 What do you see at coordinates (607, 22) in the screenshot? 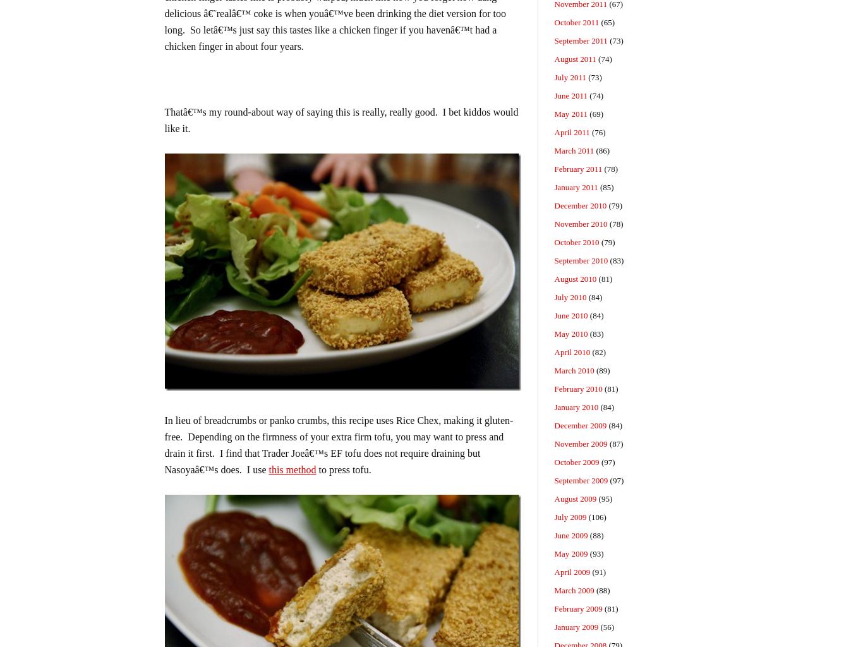
I see `'(65)'` at bounding box center [607, 22].